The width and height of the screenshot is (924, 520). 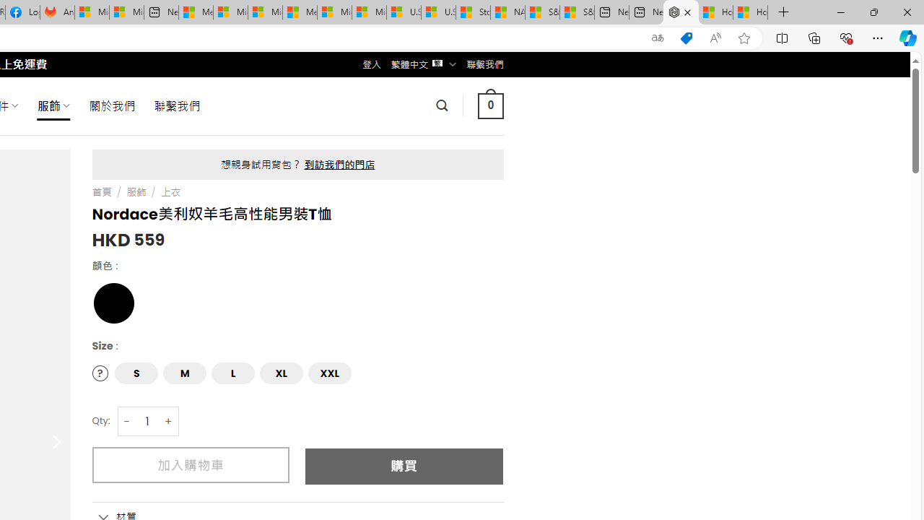 What do you see at coordinates (490, 105) in the screenshot?
I see `'  0  '` at bounding box center [490, 105].